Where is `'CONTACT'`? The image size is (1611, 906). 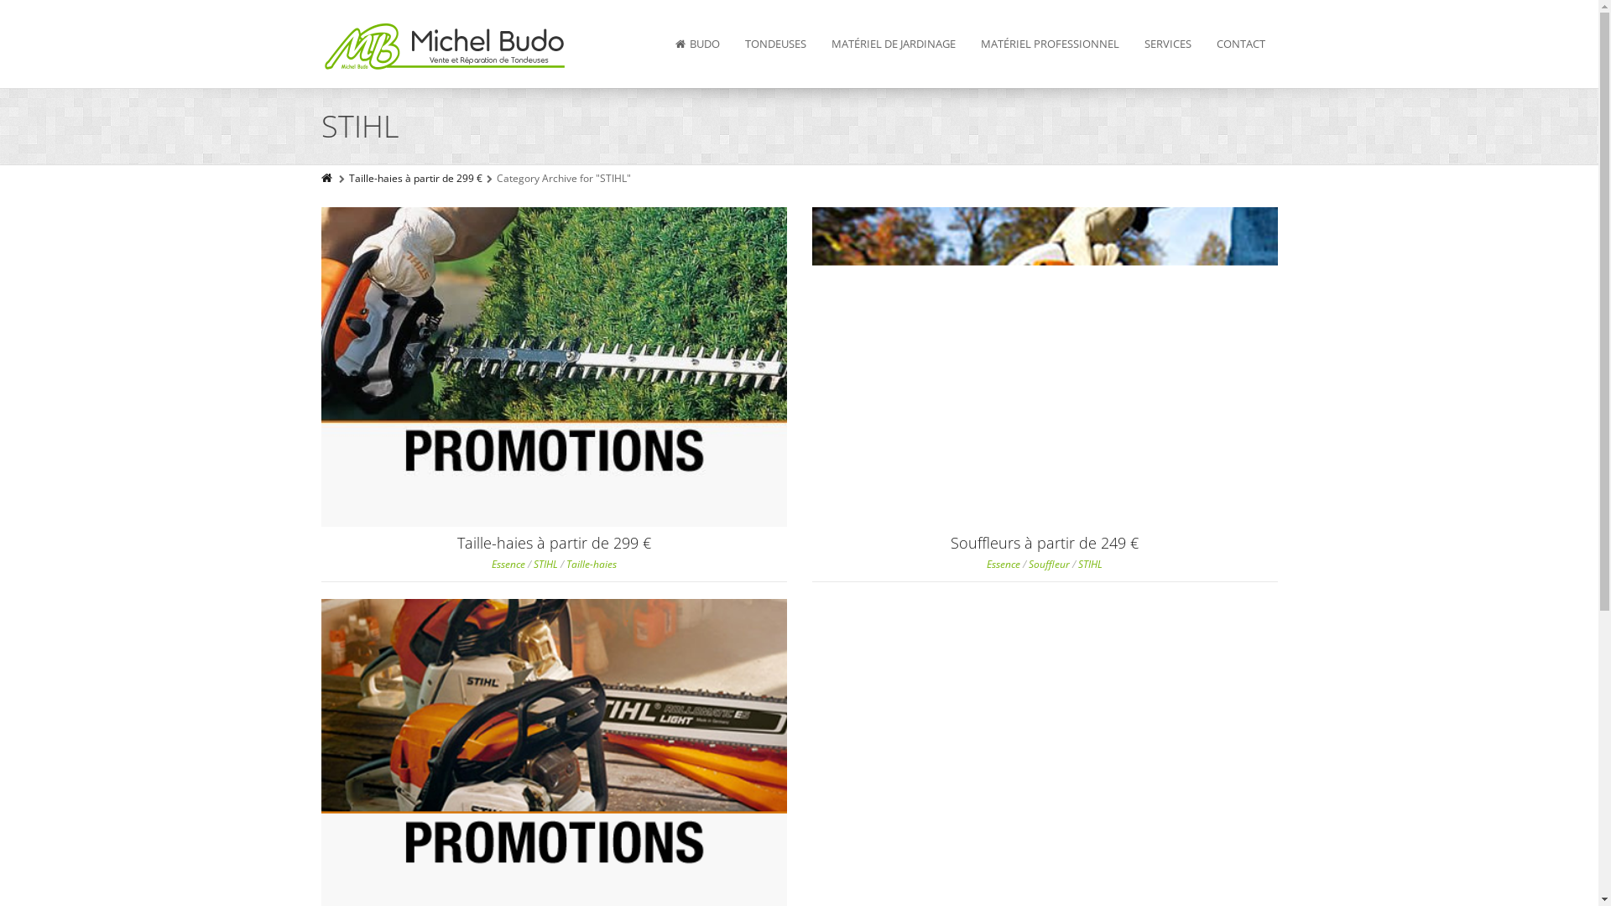 'CONTACT' is located at coordinates (1240, 42).